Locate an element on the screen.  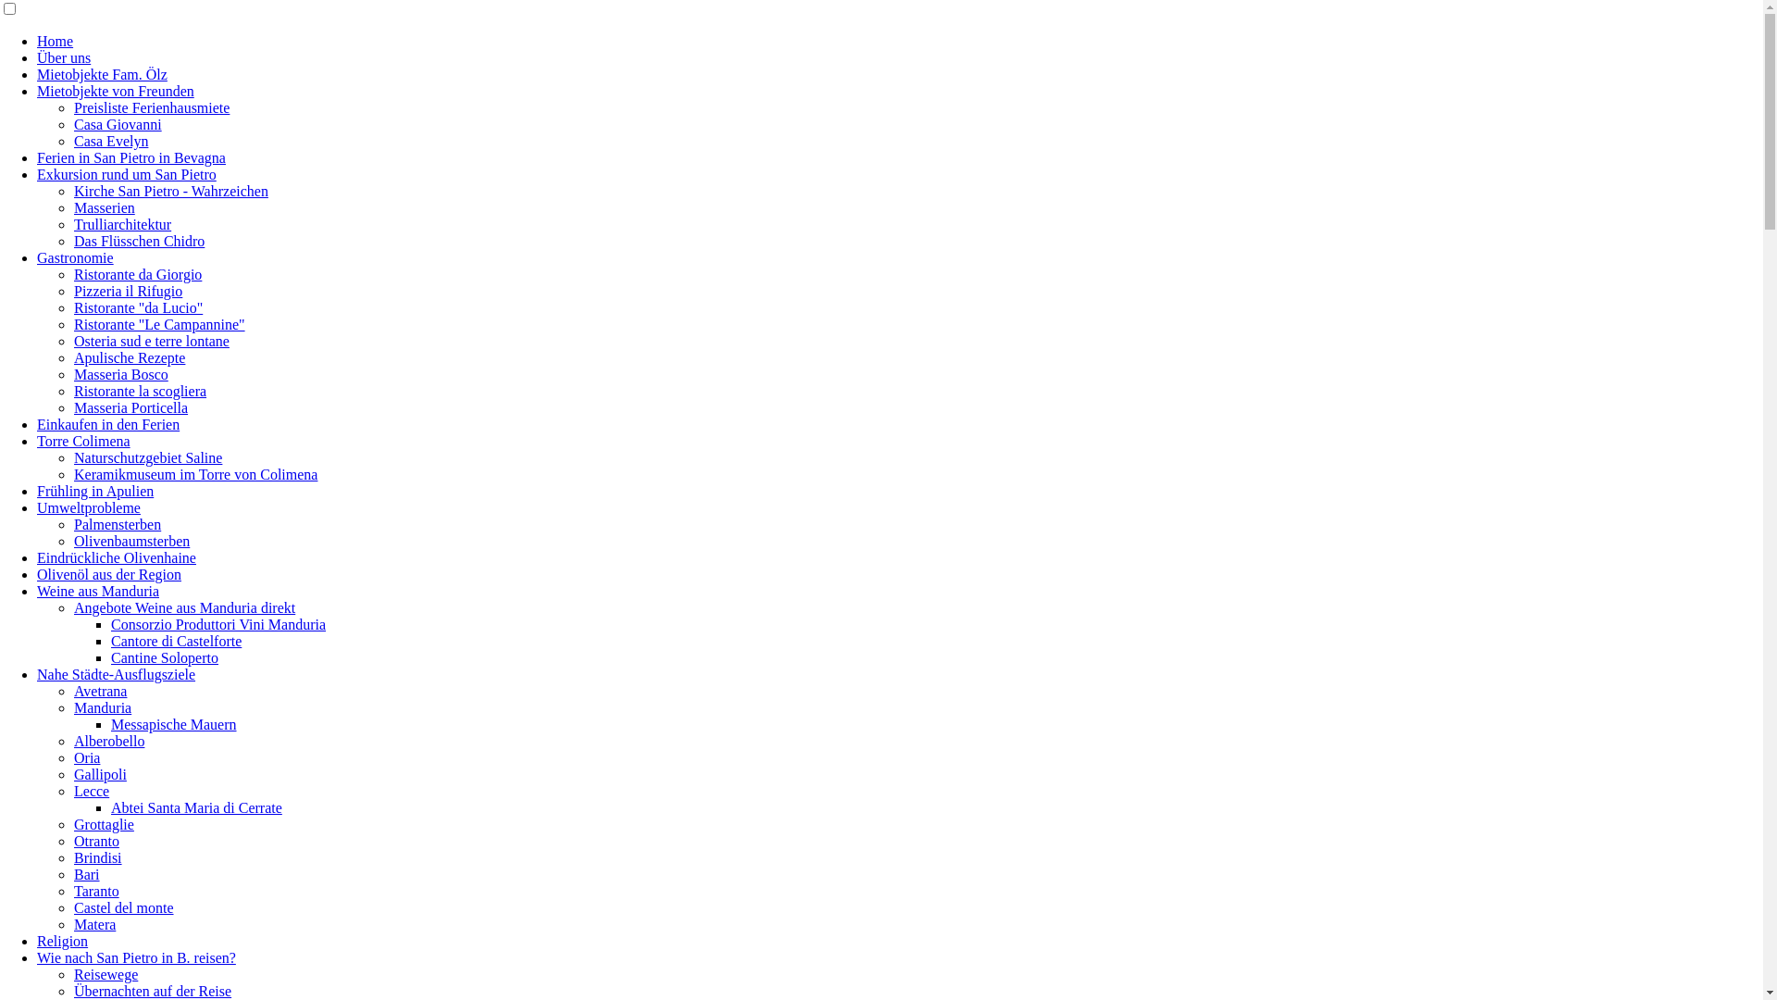
'Torre Colimena' is located at coordinates (82, 441).